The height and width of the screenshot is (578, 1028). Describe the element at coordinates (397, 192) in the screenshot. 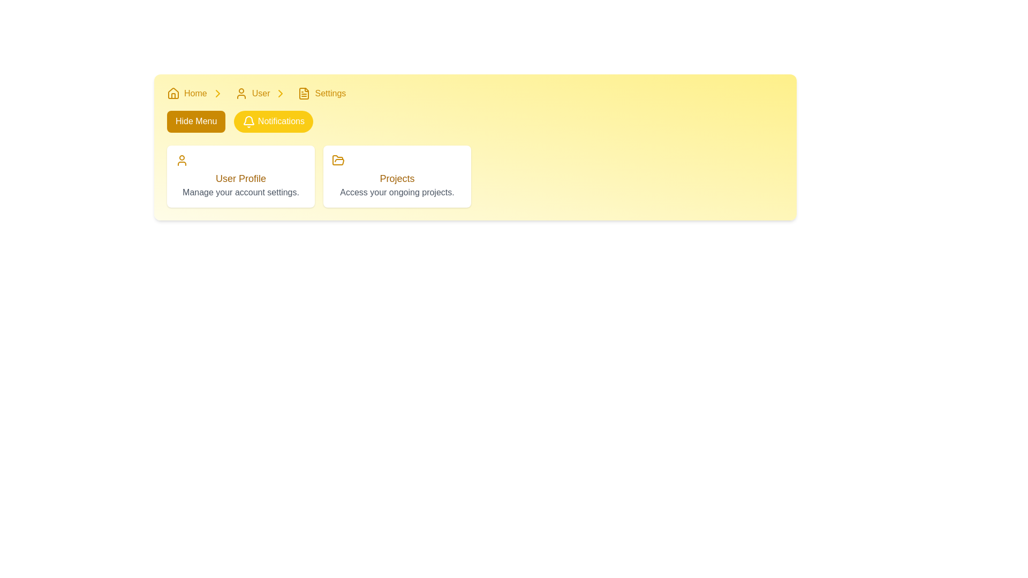

I see `the text block styled in gray that contains the content 'Access your ongoing projects.', located beneath the 'Projects' text within a white card with rounded corners` at that location.